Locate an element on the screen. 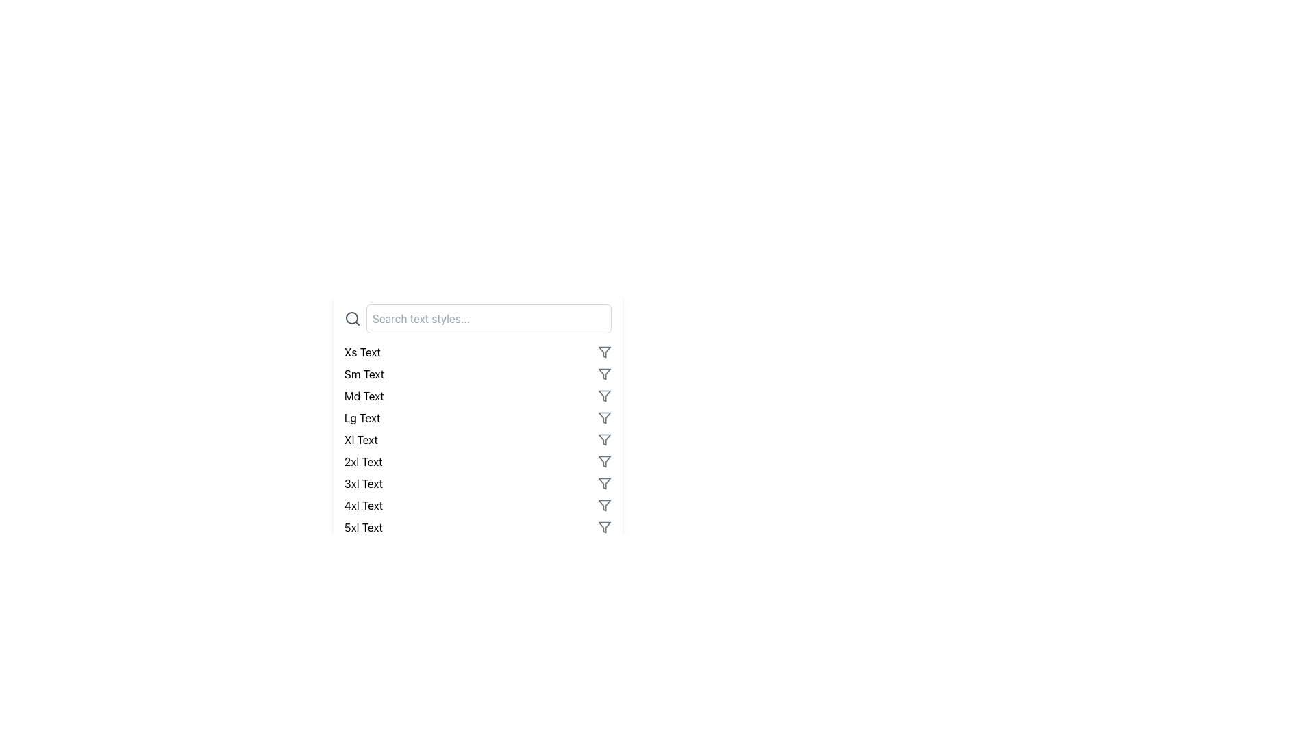  the text label displaying '5XL Text', which is the last entry in a vertical list of text components is located at coordinates (363, 527).